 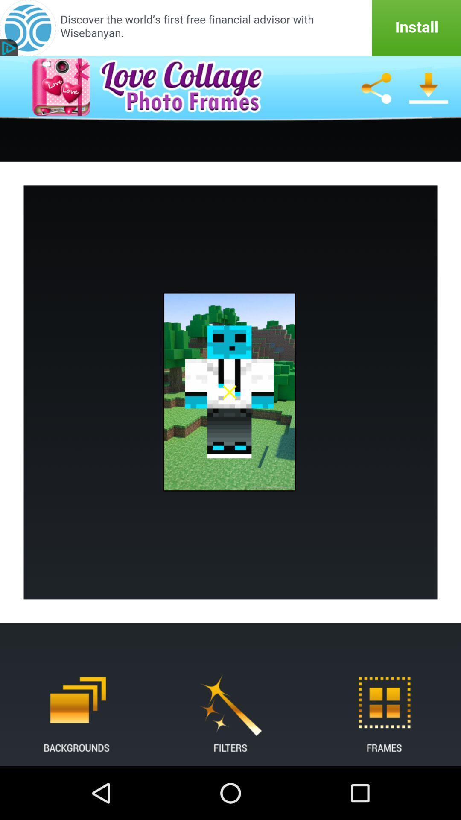 I want to click on the share icon, so click(x=376, y=94).